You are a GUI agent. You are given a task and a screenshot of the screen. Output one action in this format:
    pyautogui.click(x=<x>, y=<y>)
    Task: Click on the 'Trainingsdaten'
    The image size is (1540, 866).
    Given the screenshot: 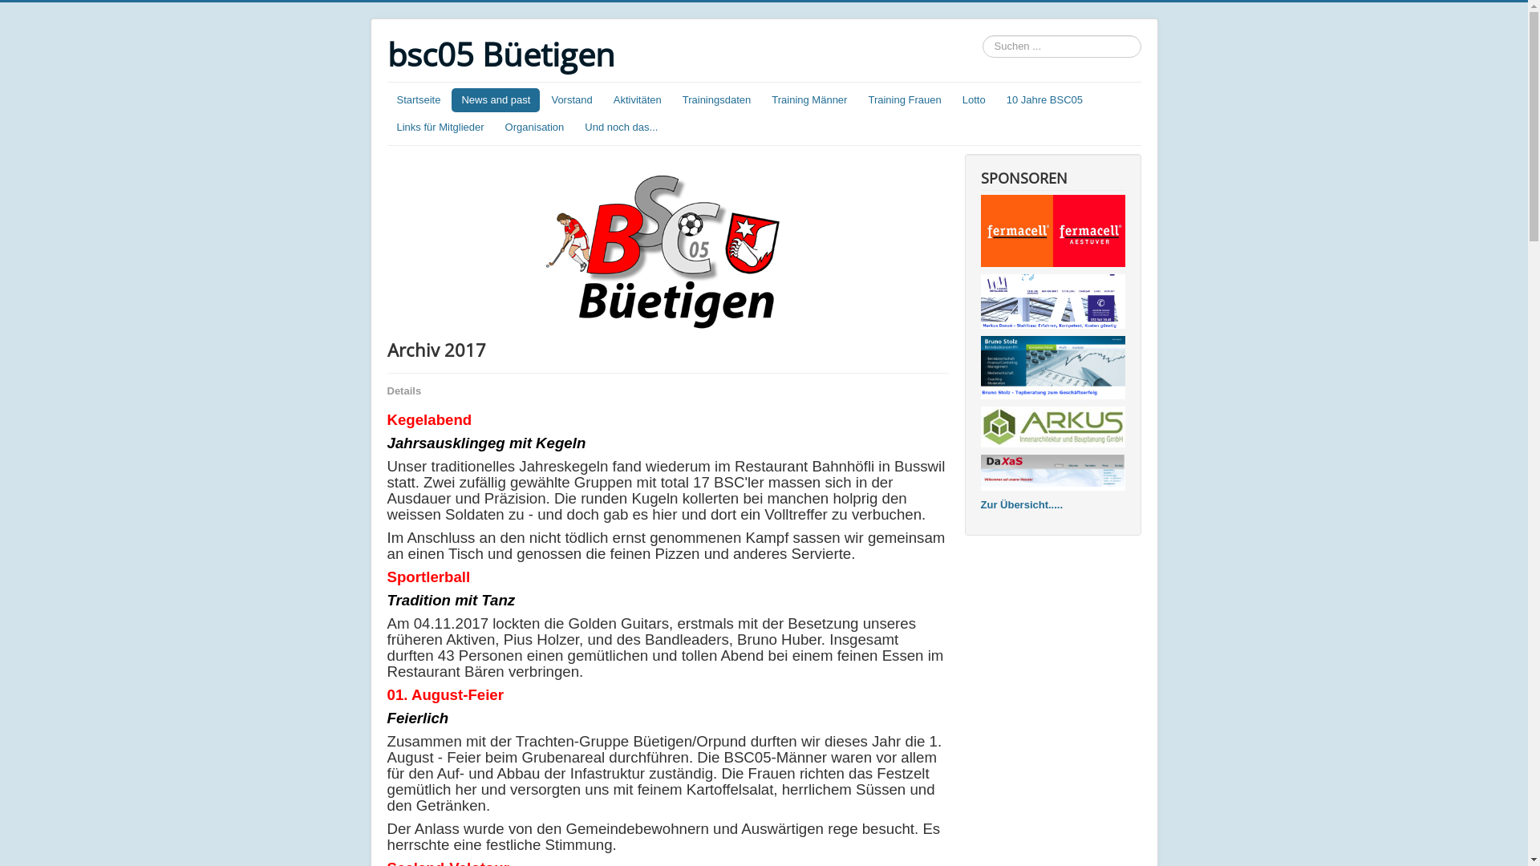 What is the action you would take?
    pyautogui.click(x=715, y=99)
    